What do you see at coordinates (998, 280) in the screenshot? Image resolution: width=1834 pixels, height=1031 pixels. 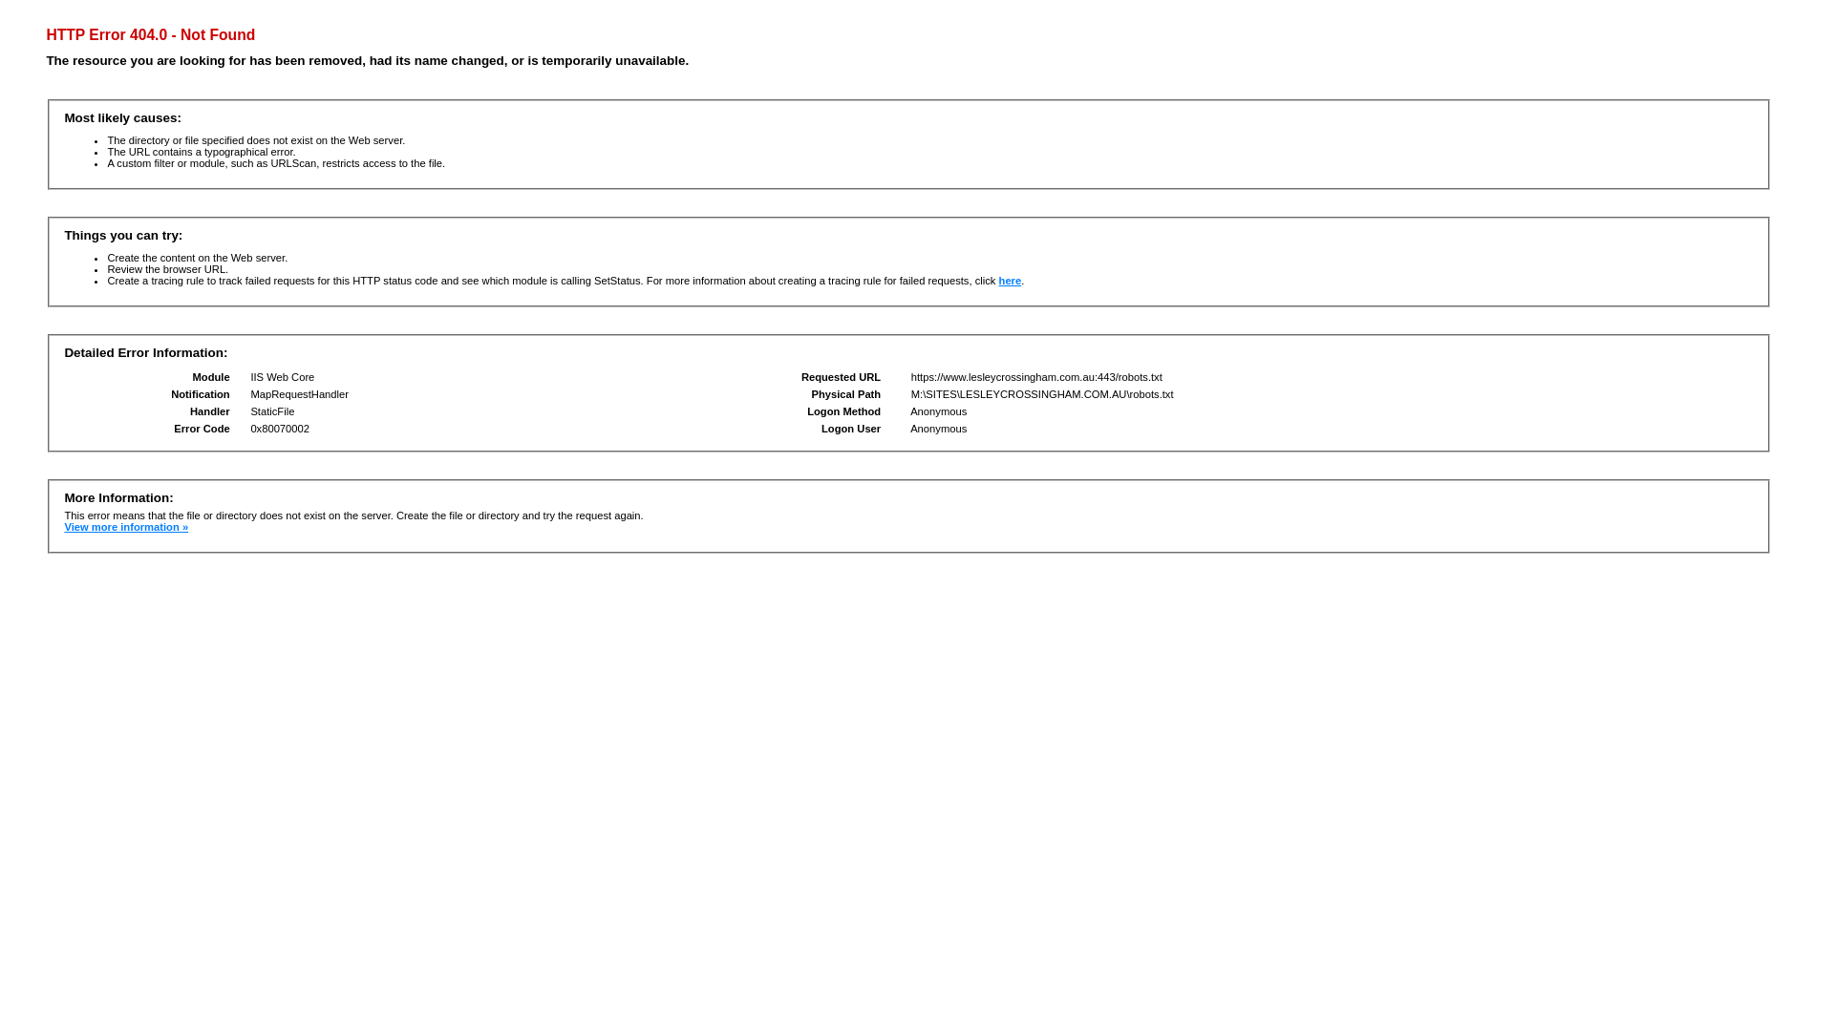 I see `'here'` at bounding box center [998, 280].